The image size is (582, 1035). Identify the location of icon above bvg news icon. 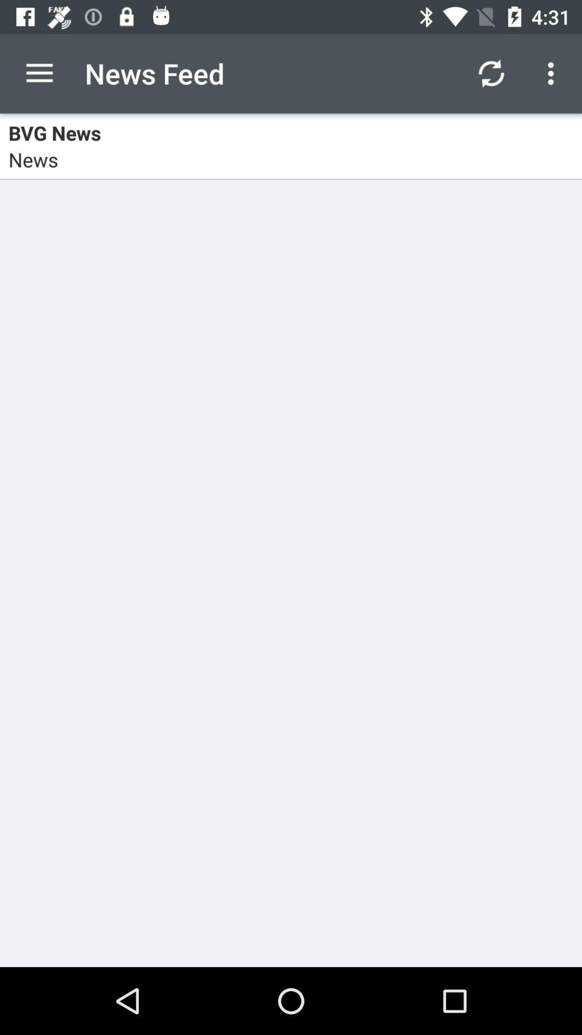
(553, 73).